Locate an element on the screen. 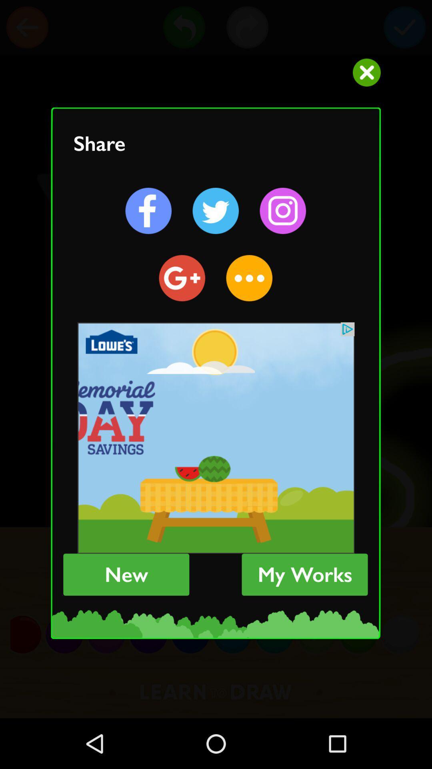 The height and width of the screenshot is (769, 432). the more icon is located at coordinates (249, 278).